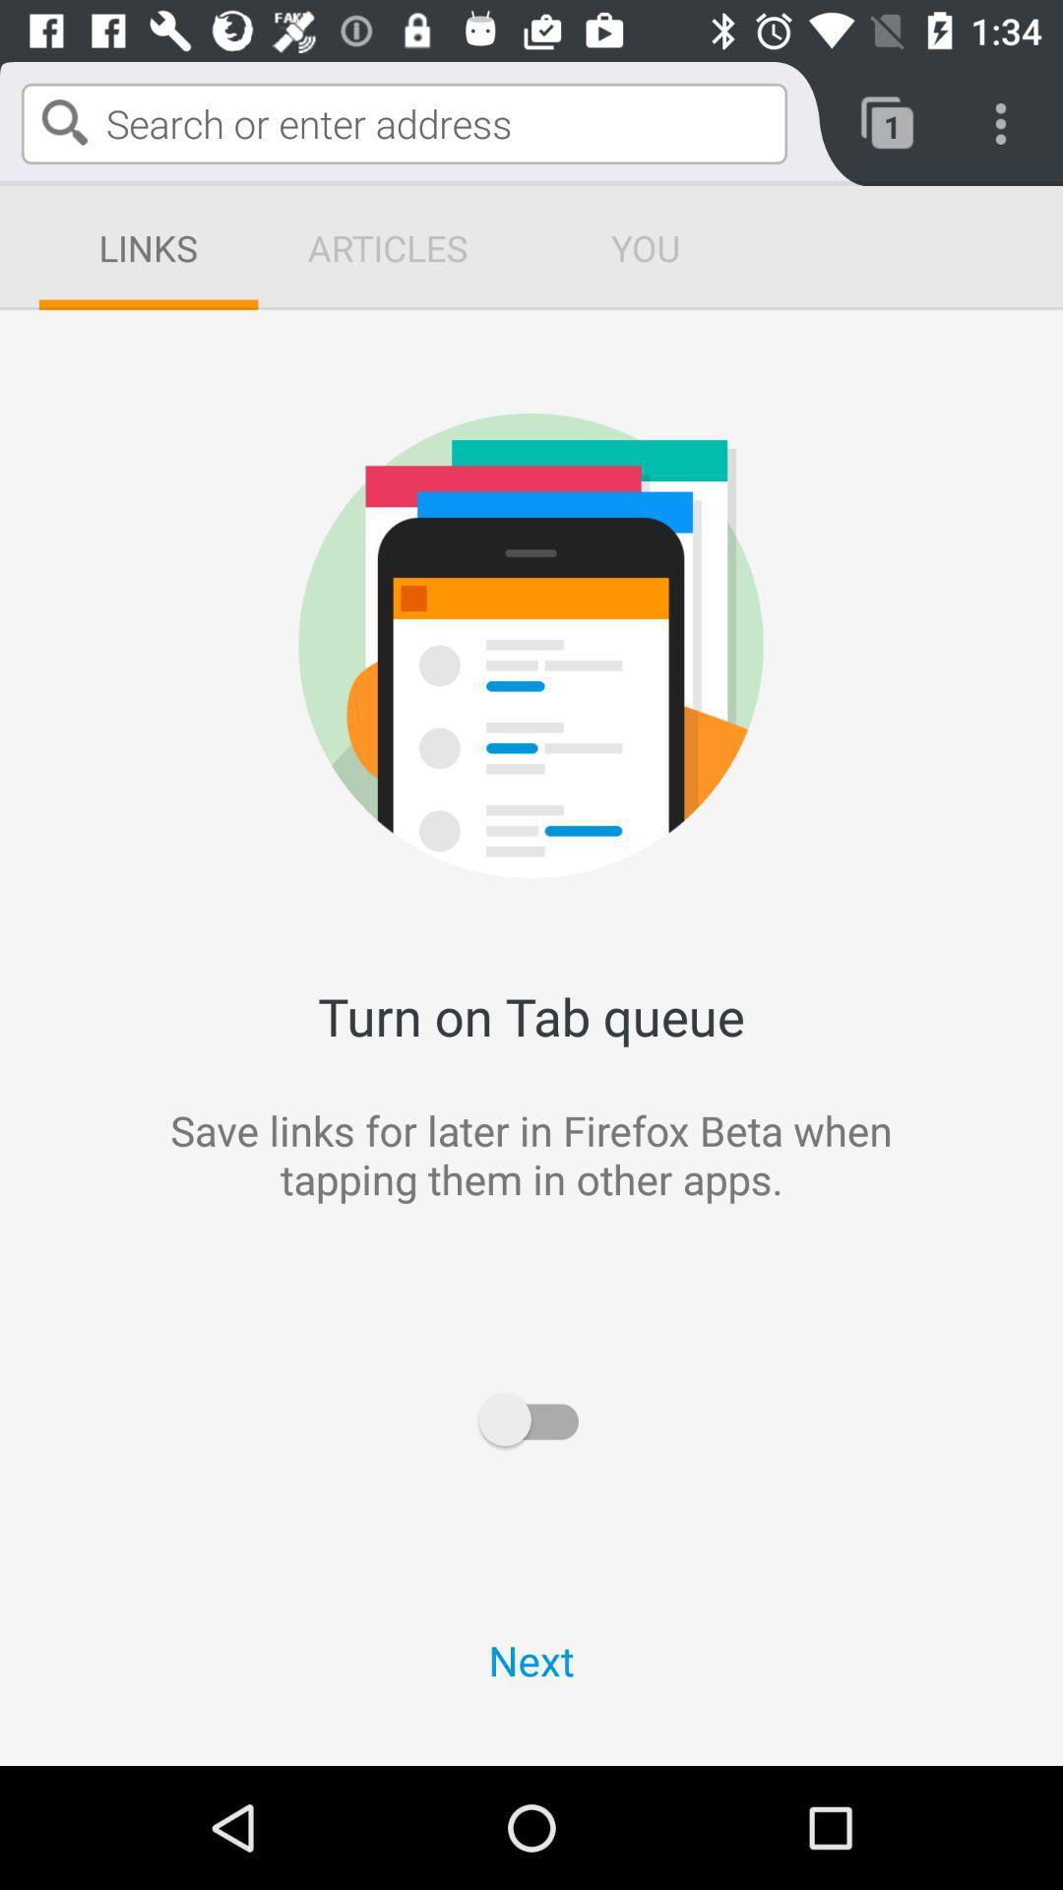 This screenshot has width=1063, height=1890. Describe the element at coordinates (63, 121) in the screenshot. I see `the search icon` at that location.